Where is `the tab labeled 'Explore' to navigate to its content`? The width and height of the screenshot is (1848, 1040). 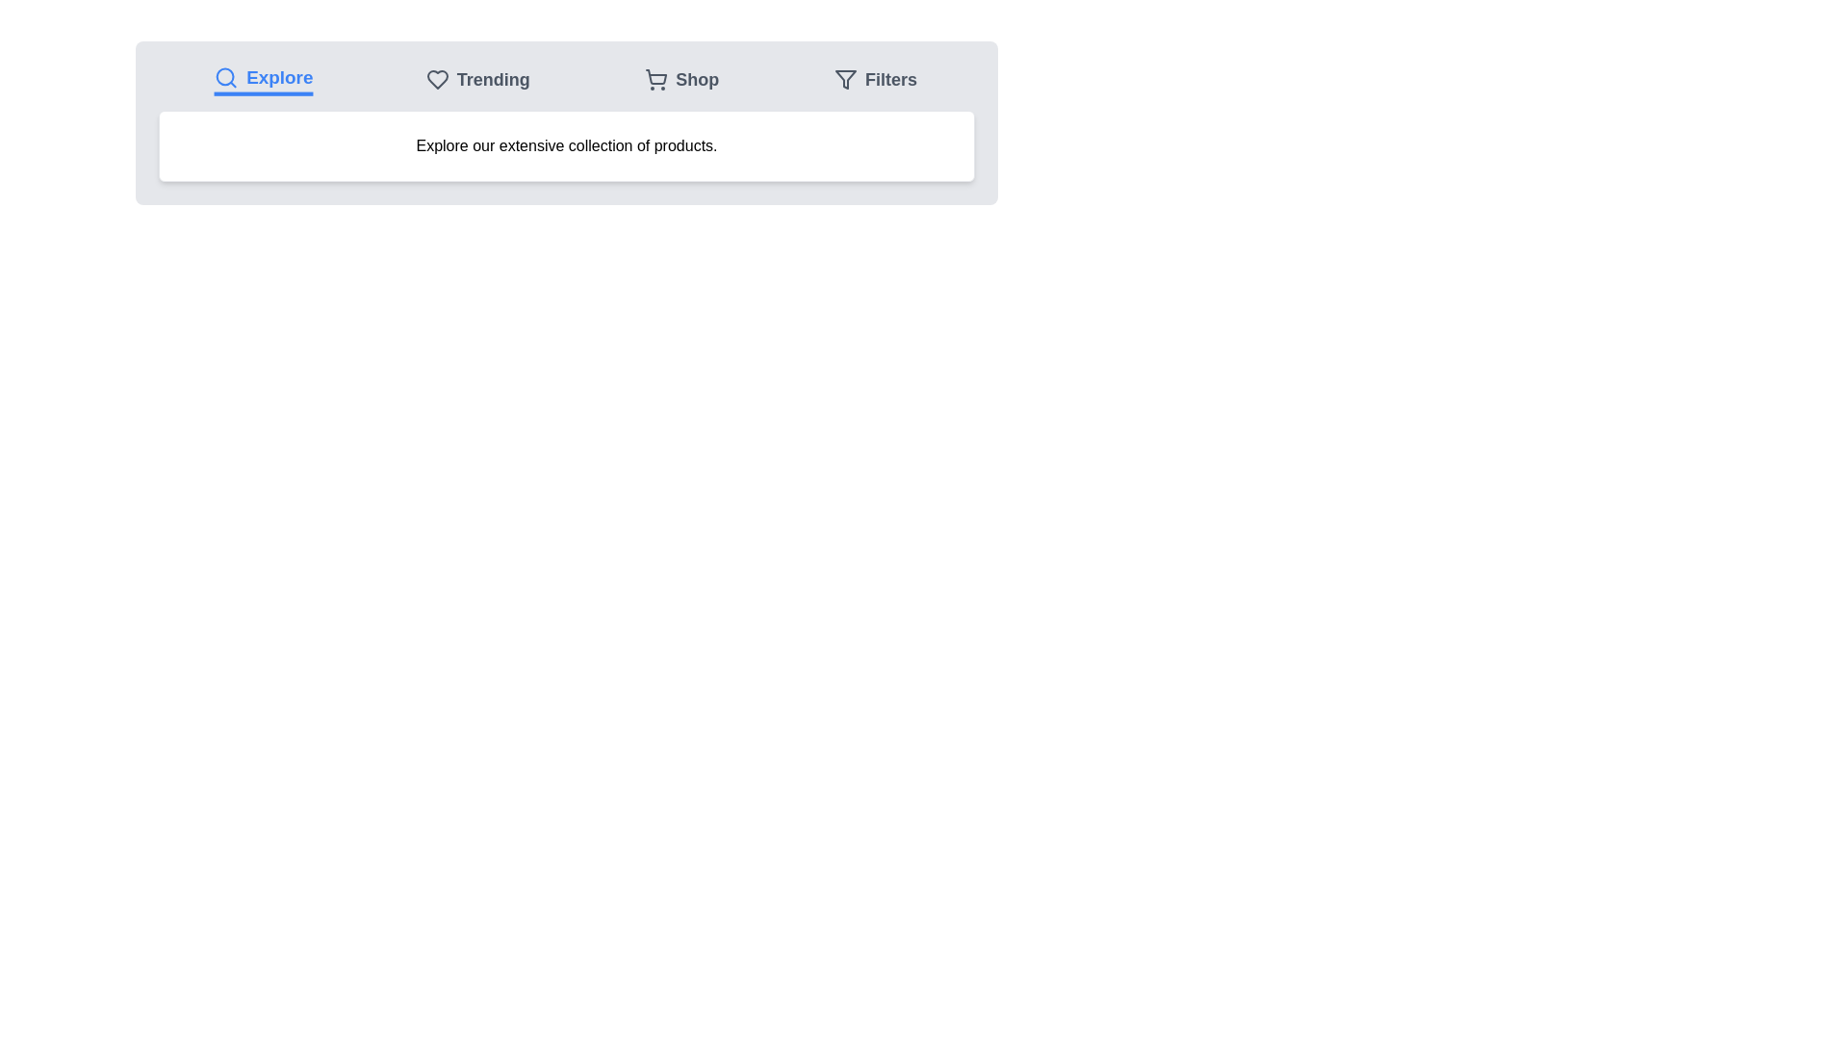
the tab labeled 'Explore' to navigate to its content is located at coordinates (262, 79).